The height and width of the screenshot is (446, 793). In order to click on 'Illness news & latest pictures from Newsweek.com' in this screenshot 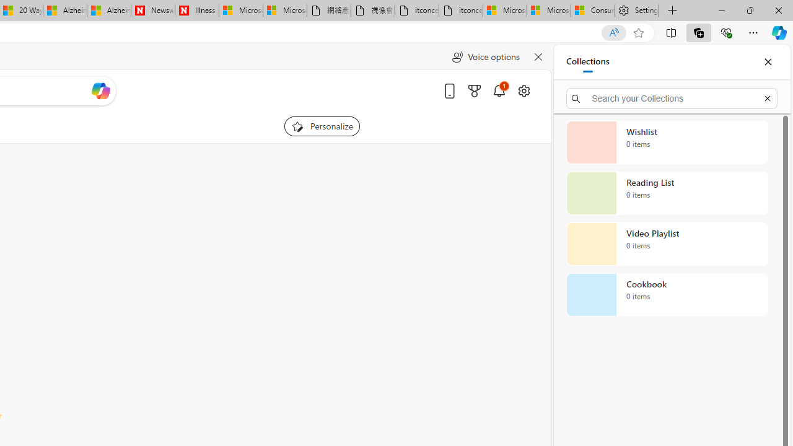, I will do `click(196, 11)`.